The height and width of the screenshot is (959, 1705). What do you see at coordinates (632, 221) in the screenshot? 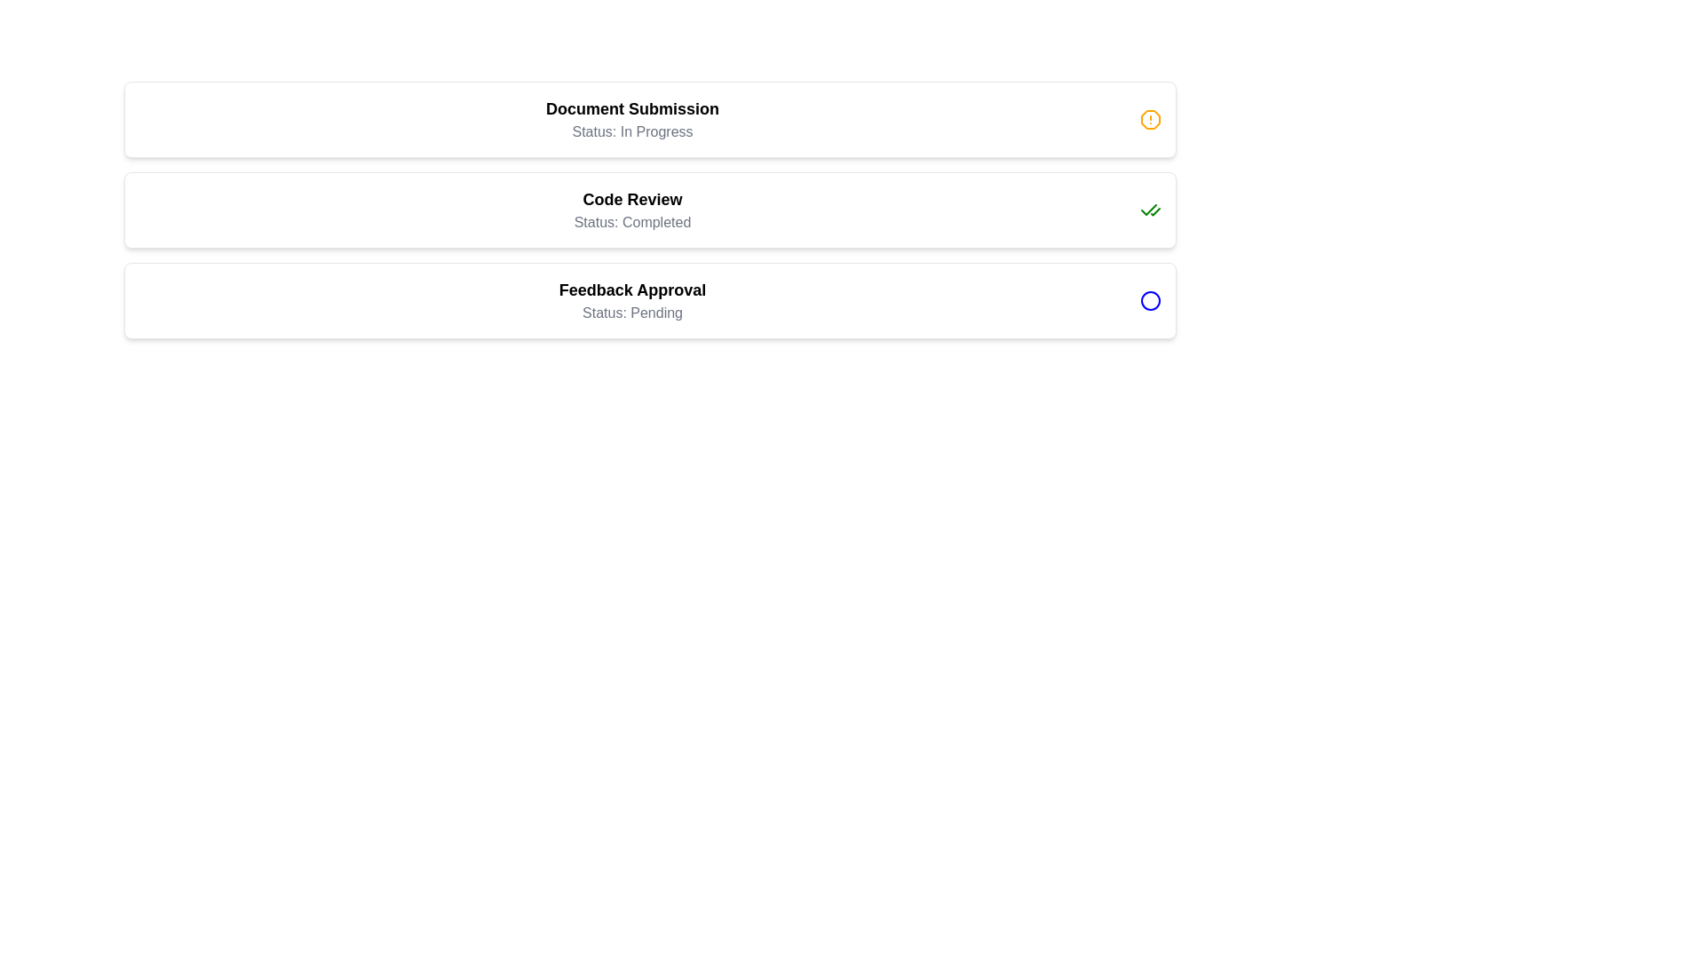
I see `the text label indicating the status of the task 'Code Review' with the value 'Completed', which is located directly below the title 'Code Review'` at bounding box center [632, 221].